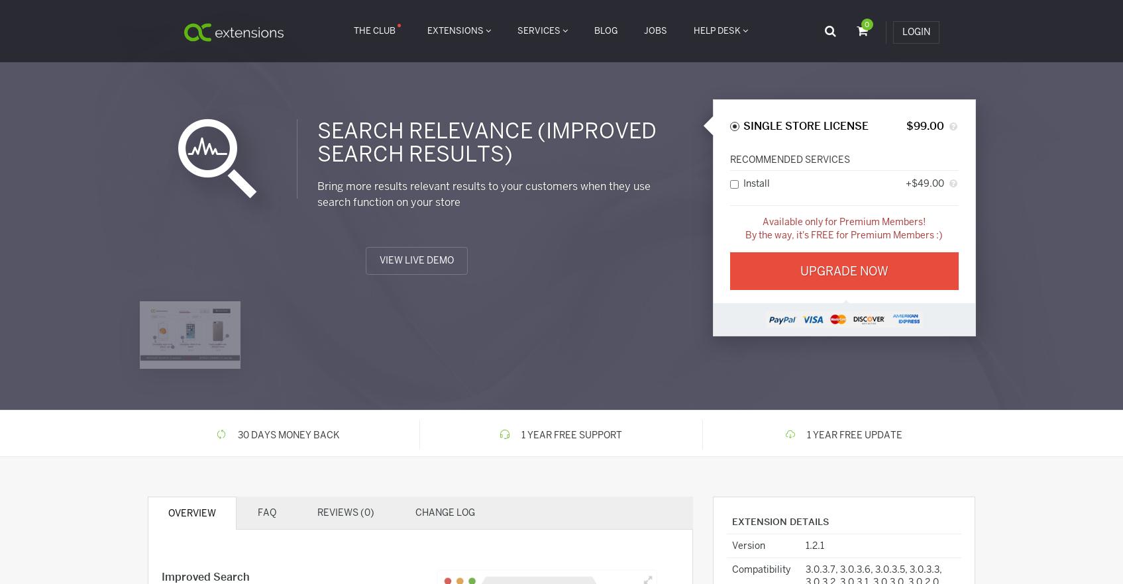 The height and width of the screenshot is (584, 1123). Describe the element at coordinates (924, 126) in the screenshot. I see `'$99.00'` at that location.